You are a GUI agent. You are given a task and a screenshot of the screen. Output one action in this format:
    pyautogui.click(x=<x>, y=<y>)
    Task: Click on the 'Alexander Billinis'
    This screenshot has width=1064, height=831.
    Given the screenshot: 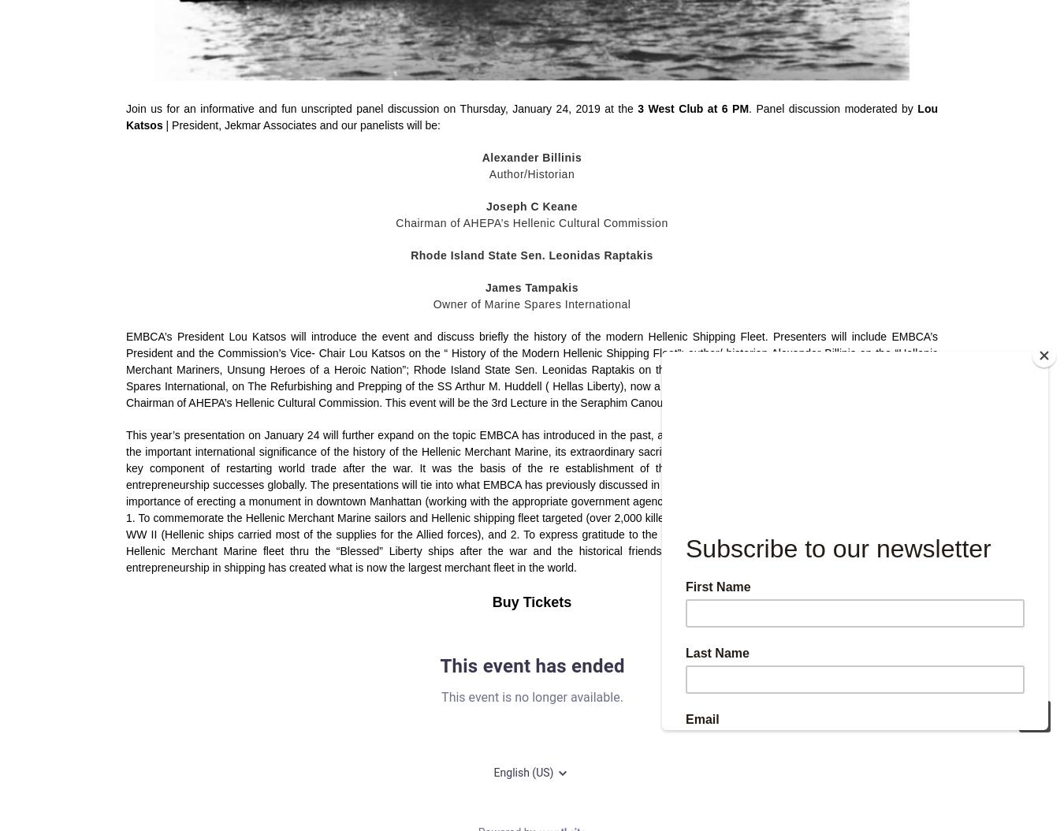 What is the action you would take?
    pyautogui.click(x=531, y=155)
    